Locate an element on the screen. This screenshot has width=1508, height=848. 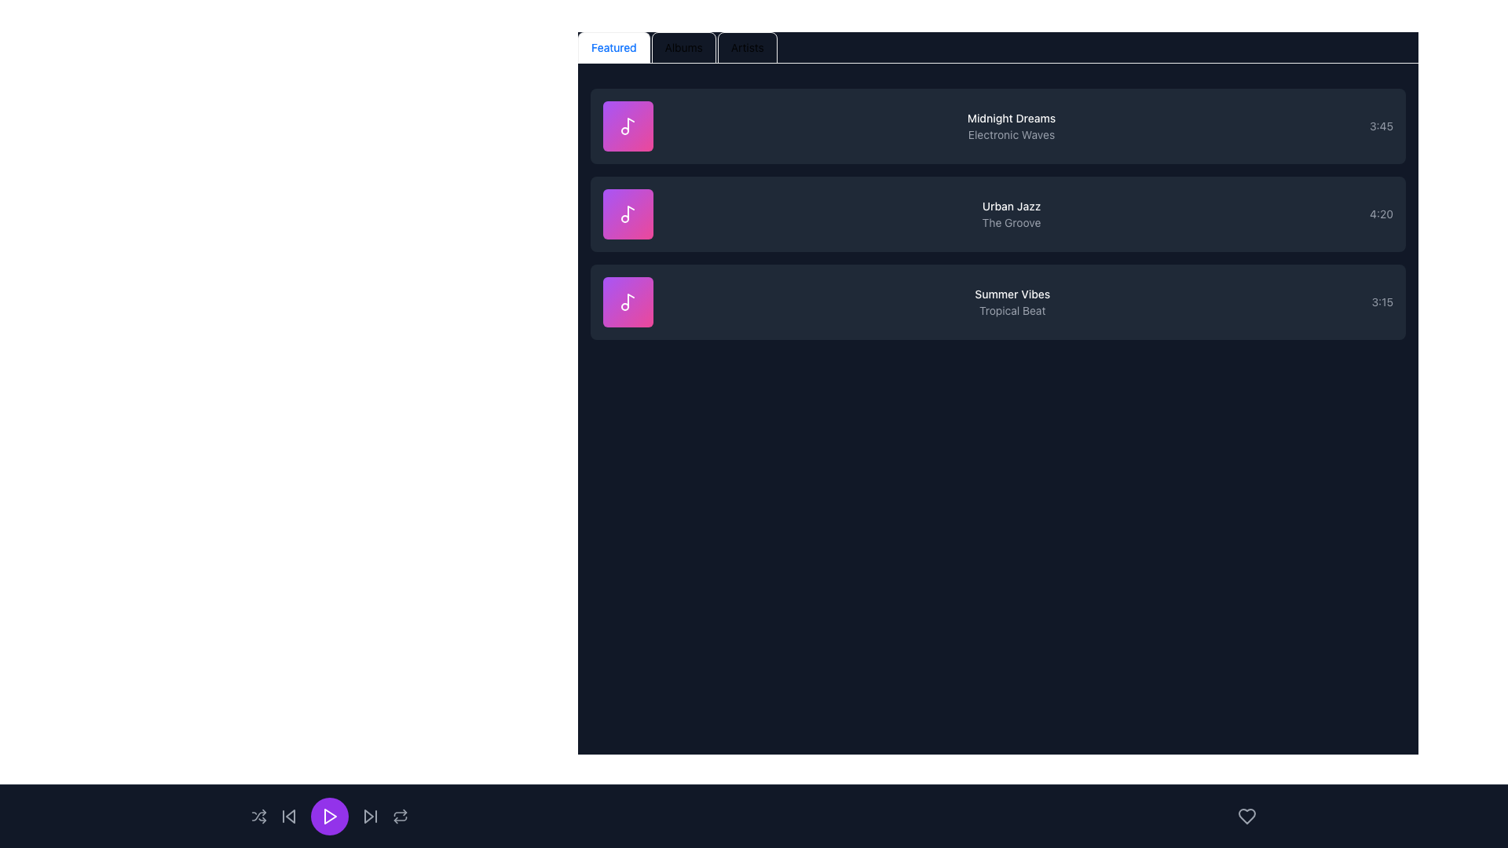
the music track icon representing 'Midnight Dreams' in the list, located on the left side of the item is located at coordinates (628, 126).